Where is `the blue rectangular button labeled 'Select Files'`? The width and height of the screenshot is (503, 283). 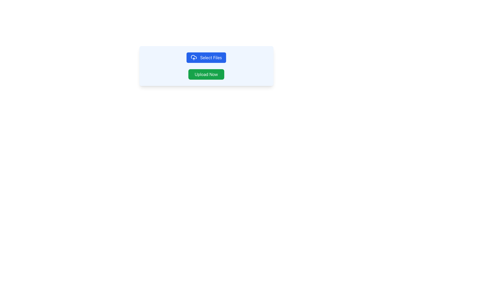 the blue rectangular button labeled 'Select Files' is located at coordinates (206, 57).